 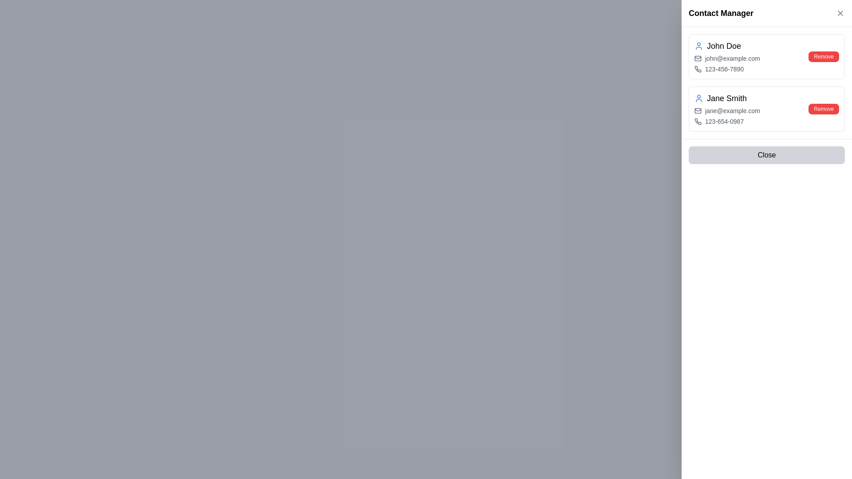 What do you see at coordinates (698, 68) in the screenshot?
I see `the phone icon located to the left of the phone number '123-456-7890' in the contact card of 'John Doe'` at bounding box center [698, 68].